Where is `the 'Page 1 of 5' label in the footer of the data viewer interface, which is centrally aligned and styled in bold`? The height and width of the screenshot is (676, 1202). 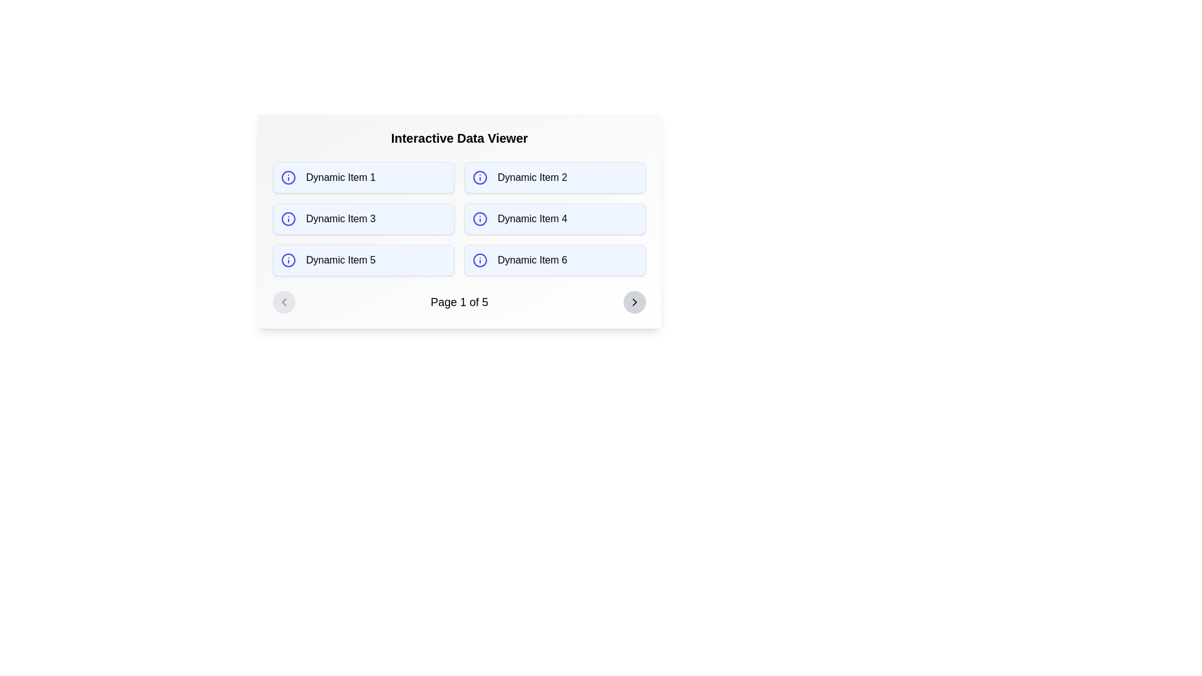 the 'Page 1 of 5' label in the footer of the data viewer interface, which is centrally aligned and styled in bold is located at coordinates (459, 302).